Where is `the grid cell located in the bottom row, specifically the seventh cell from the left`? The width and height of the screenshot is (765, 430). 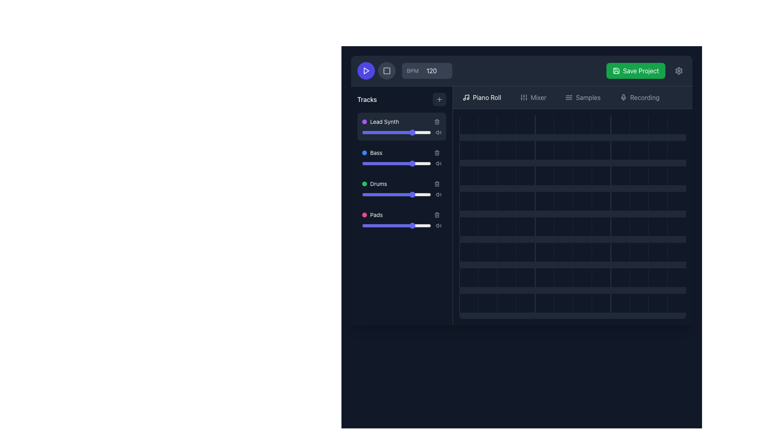 the grid cell located in the bottom row, specifically the seventh cell from the left is located at coordinates (582, 303).